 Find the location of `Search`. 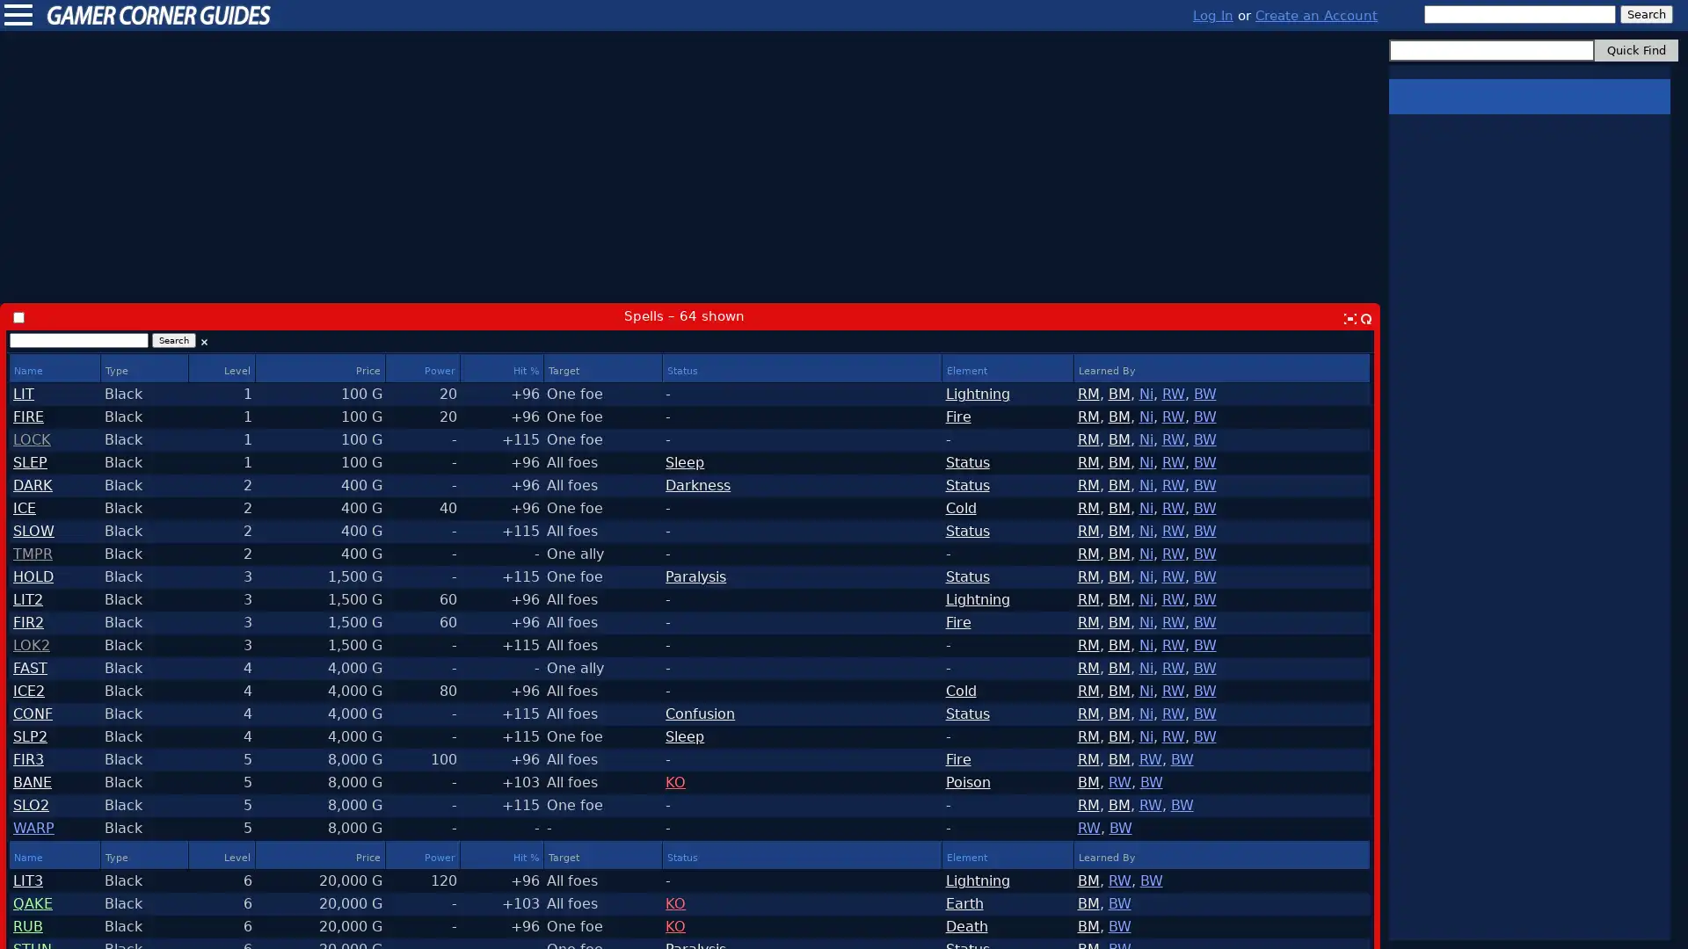

Search is located at coordinates (1645, 14).